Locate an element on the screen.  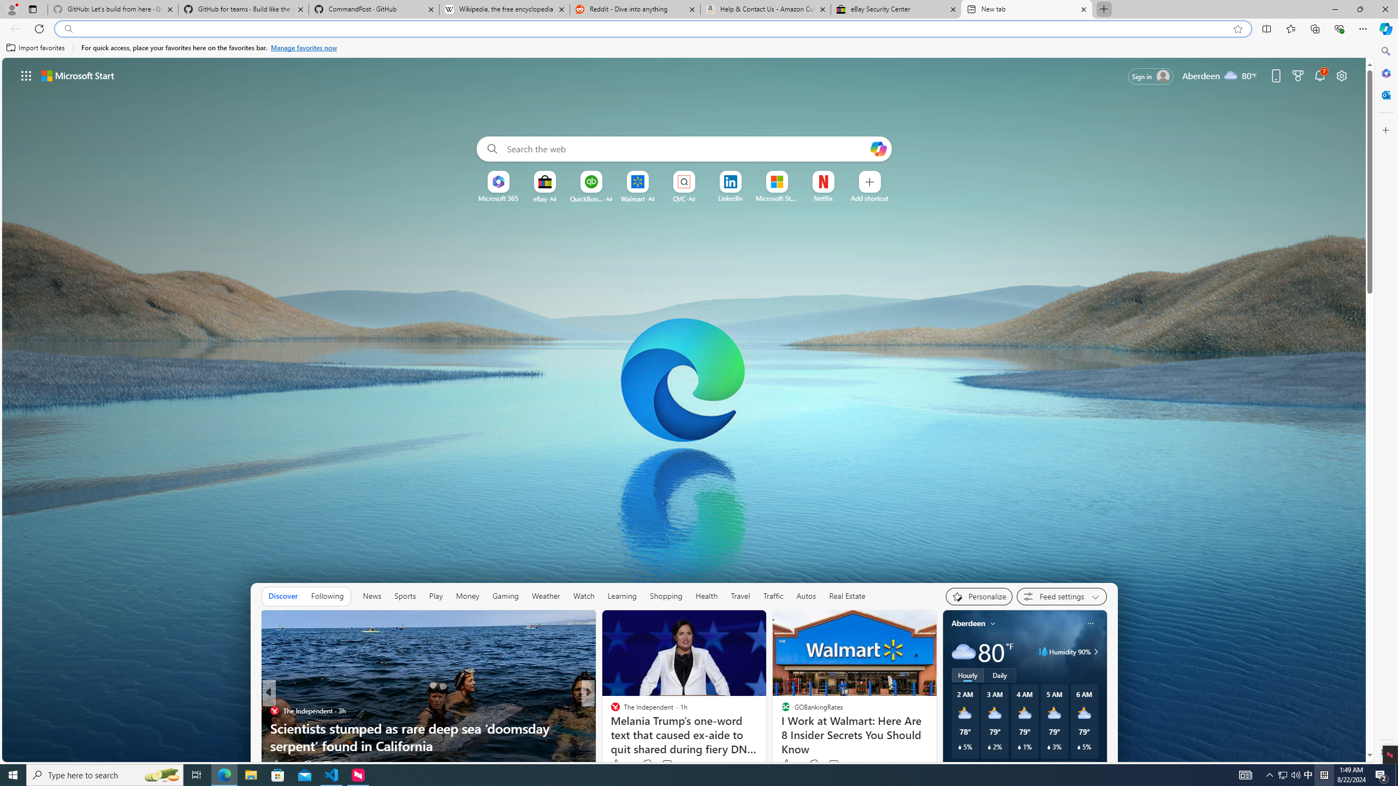
'The Independent' is located at coordinates (610, 711).